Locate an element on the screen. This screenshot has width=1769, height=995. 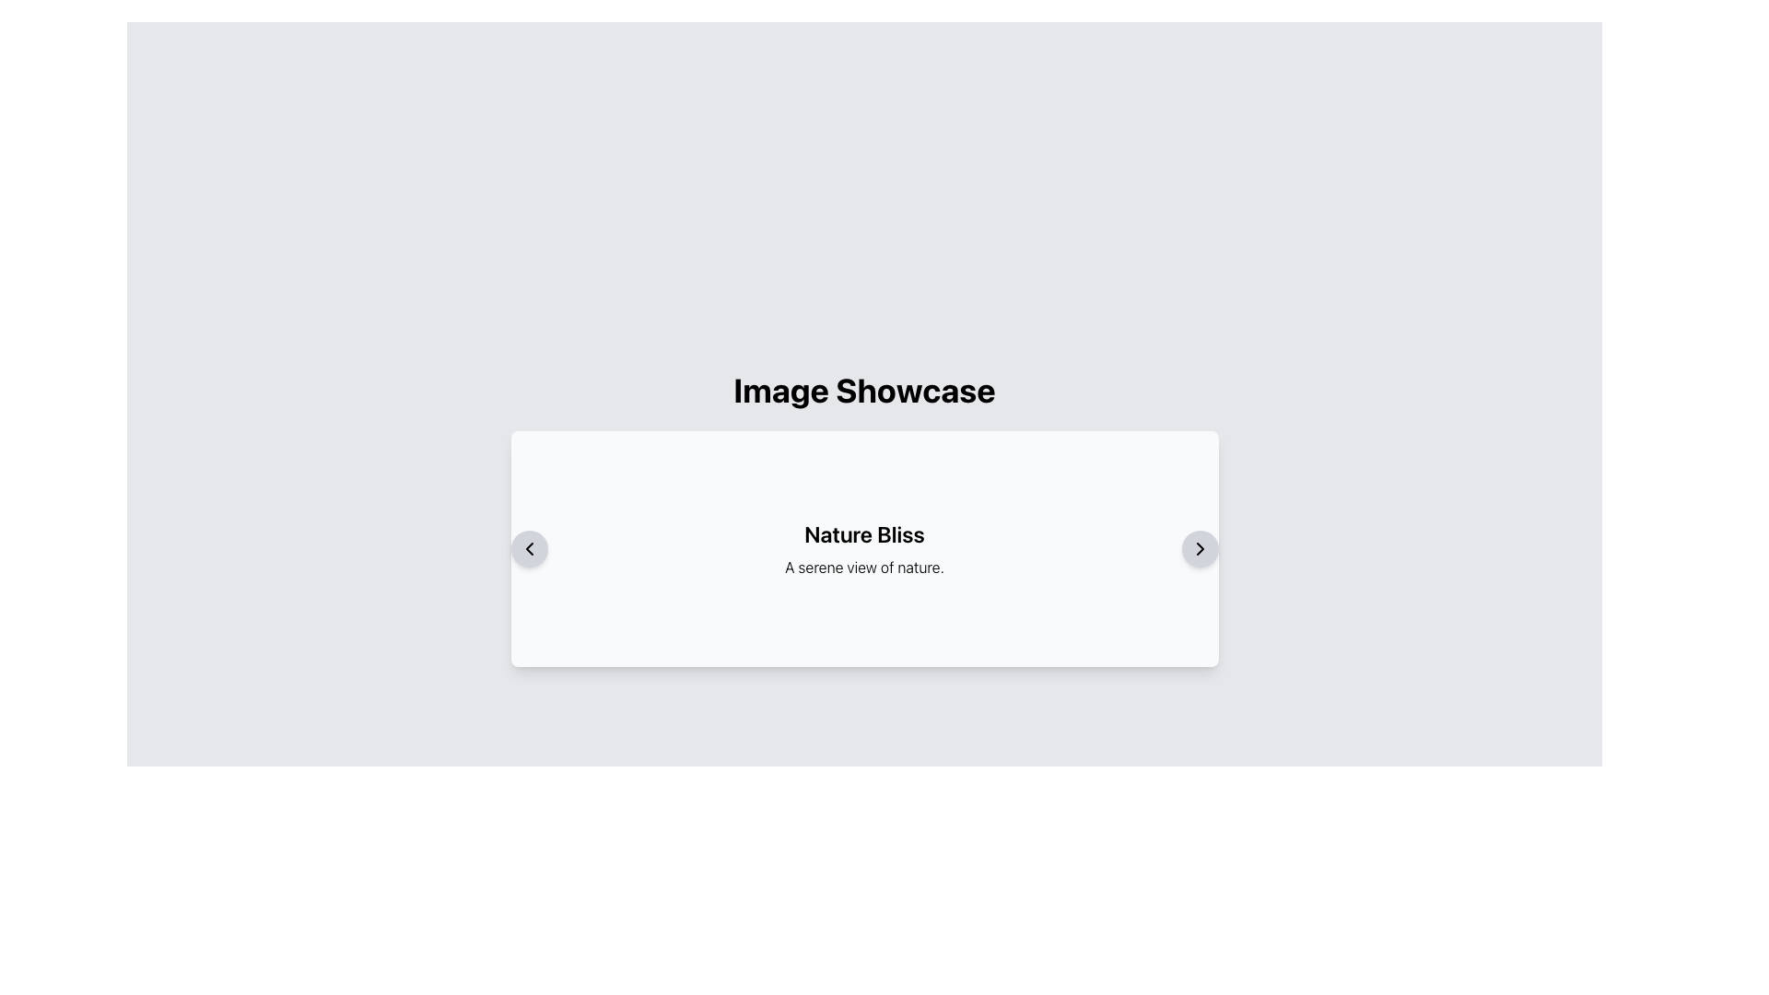
text block located at the center of the light gray rectangular background, which serves as a descriptive title and subtitle for the content section is located at coordinates (863, 548).